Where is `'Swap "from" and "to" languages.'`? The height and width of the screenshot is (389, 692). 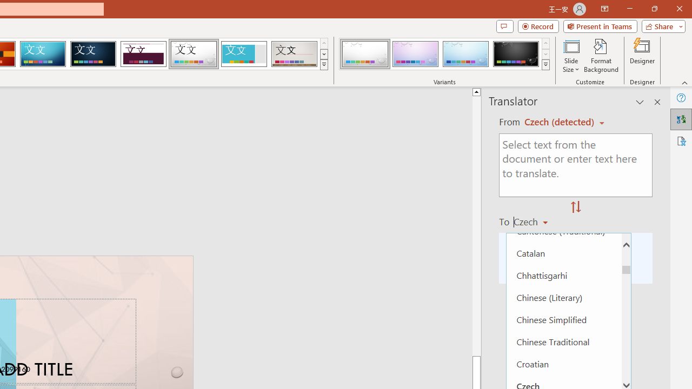
'Swap "from" and "to" languages.' is located at coordinates (575, 207).